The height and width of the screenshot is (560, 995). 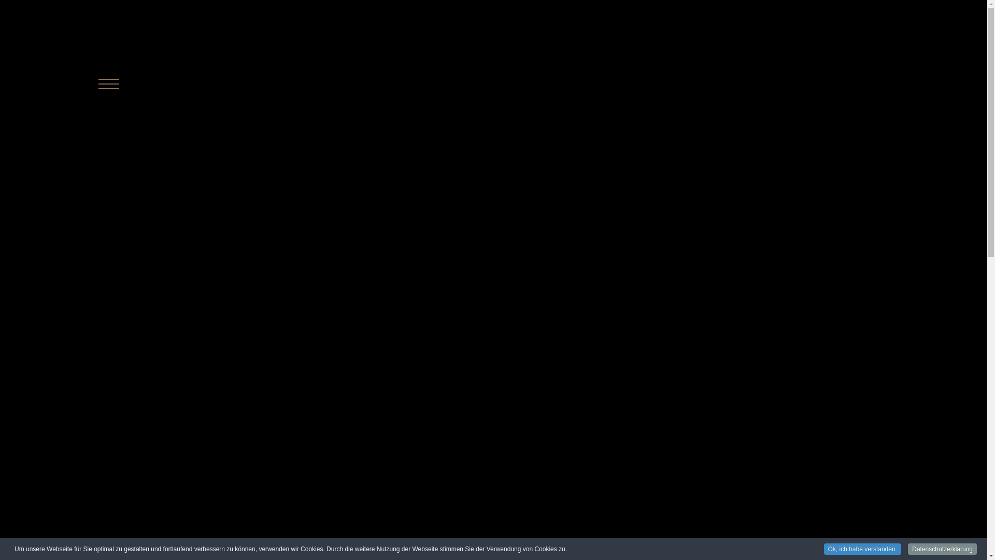 I want to click on 'Ok, ich habe verstanden.', so click(x=862, y=549).